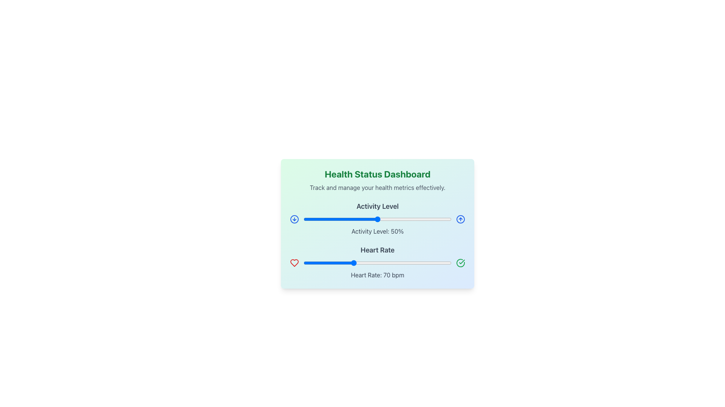 The image size is (725, 407). What do you see at coordinates (346, 219) in the screenshot?
I see `the activity level` at bounding box center [346, 219].